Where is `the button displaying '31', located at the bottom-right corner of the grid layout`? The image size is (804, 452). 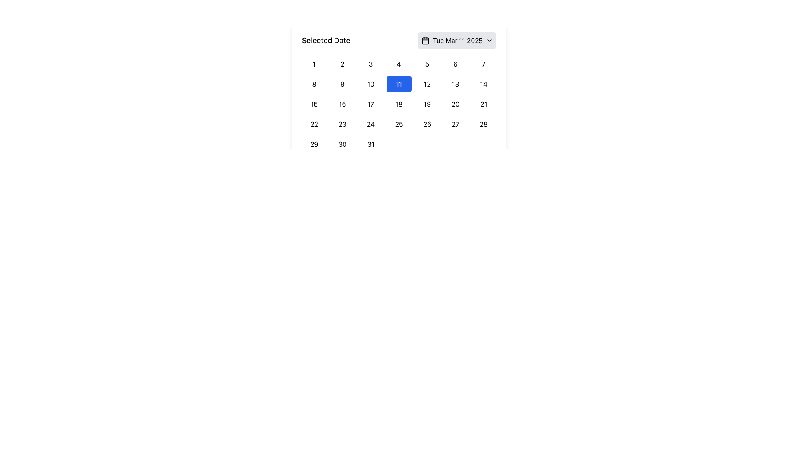
the button displaying '31', located at the bottom-right corner of the grid layout is located at coordinates (370, 144).